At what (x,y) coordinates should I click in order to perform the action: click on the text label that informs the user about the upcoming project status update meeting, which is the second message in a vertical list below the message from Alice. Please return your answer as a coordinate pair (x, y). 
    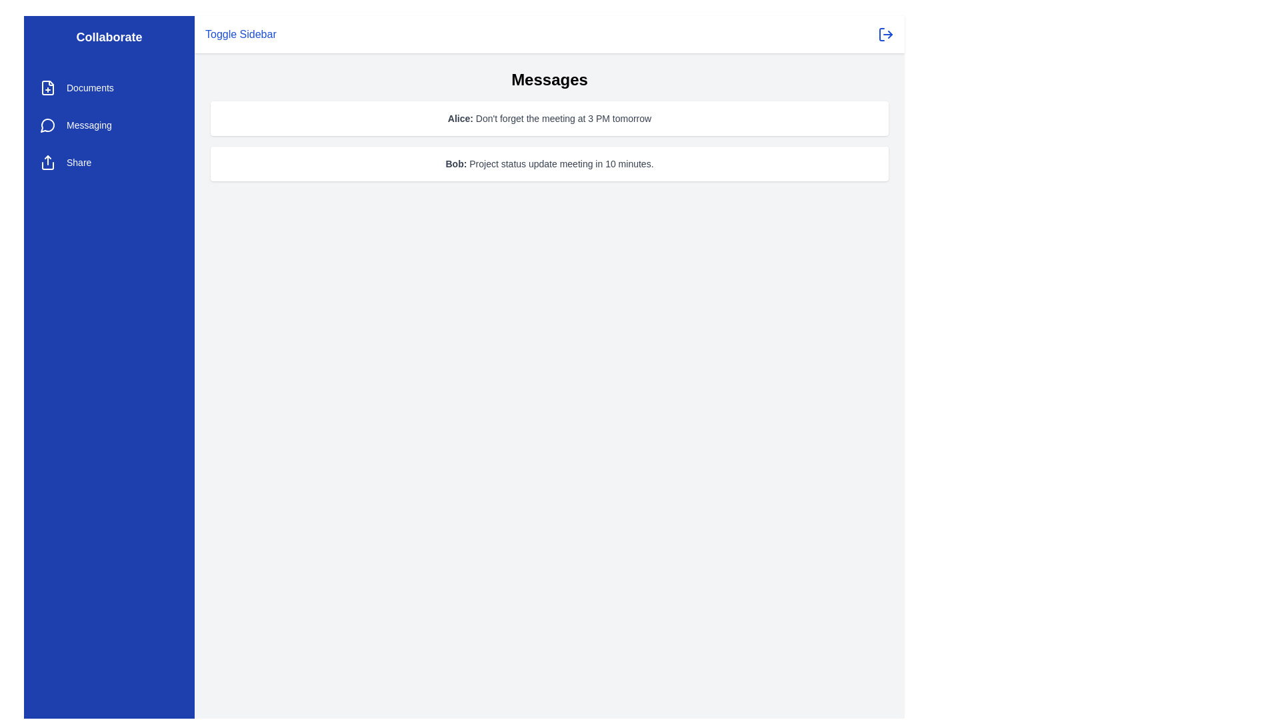
    Looking at the image, I should click on (549, 163).